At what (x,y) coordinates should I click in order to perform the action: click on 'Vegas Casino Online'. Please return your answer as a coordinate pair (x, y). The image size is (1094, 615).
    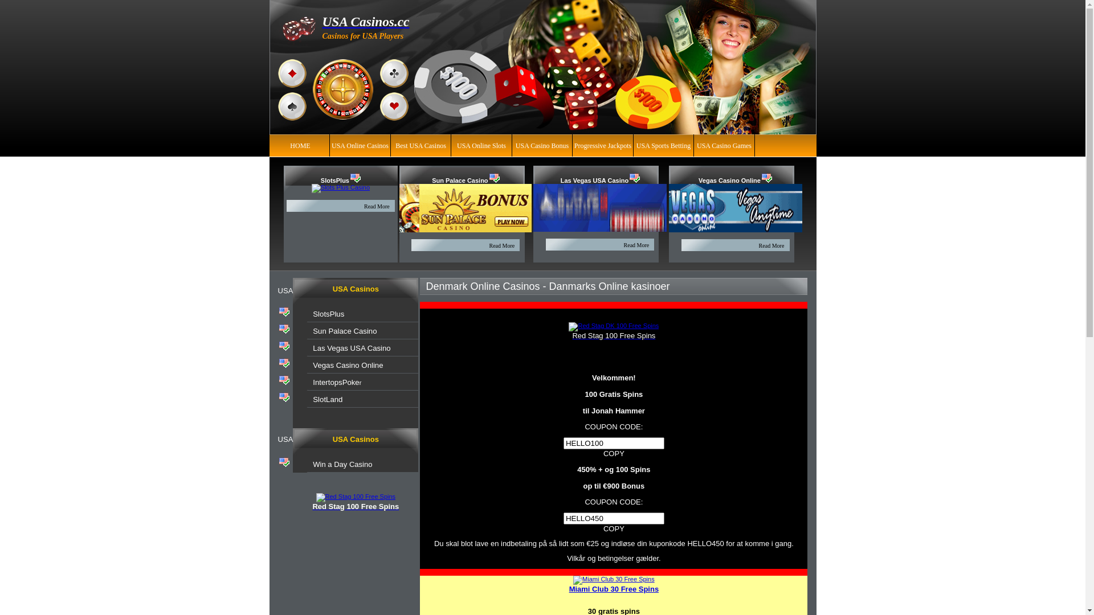
    Looking at the image, I should click on (697, 179).